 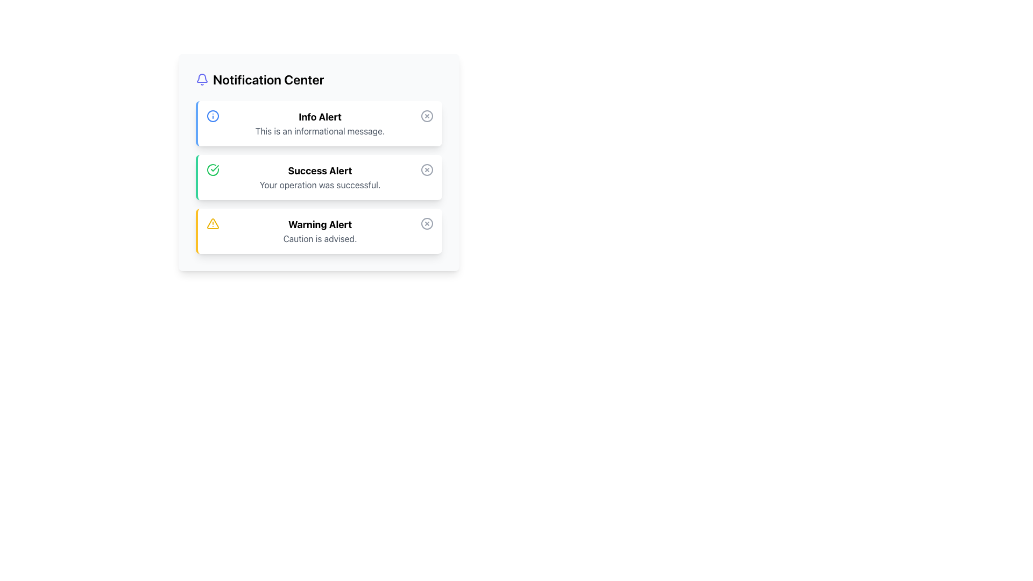 What do you see at coordinates (320, 177) in the screenshot?
I see `the Notification Alert that indicates the previous operation was successful, positioned as the second alert in the notification panel` at bounding box center [320, 177].